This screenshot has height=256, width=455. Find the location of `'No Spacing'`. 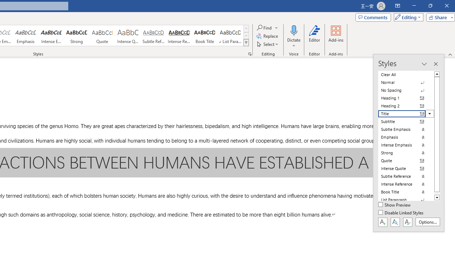

'No Spacing' is located at coordinates (406, 90).